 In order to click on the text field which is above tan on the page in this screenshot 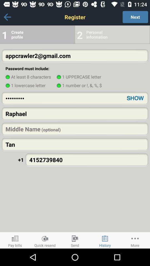, I will do `click(75, 129)`.